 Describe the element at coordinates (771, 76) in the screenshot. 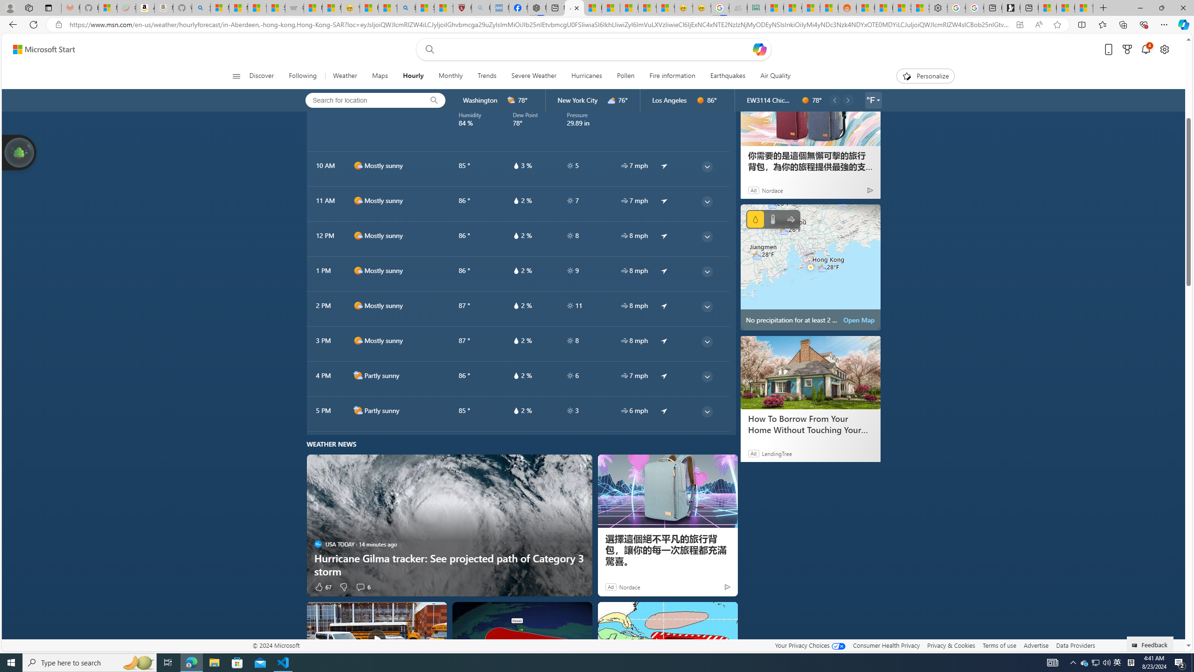

I see `'Air Quality'` at that location.